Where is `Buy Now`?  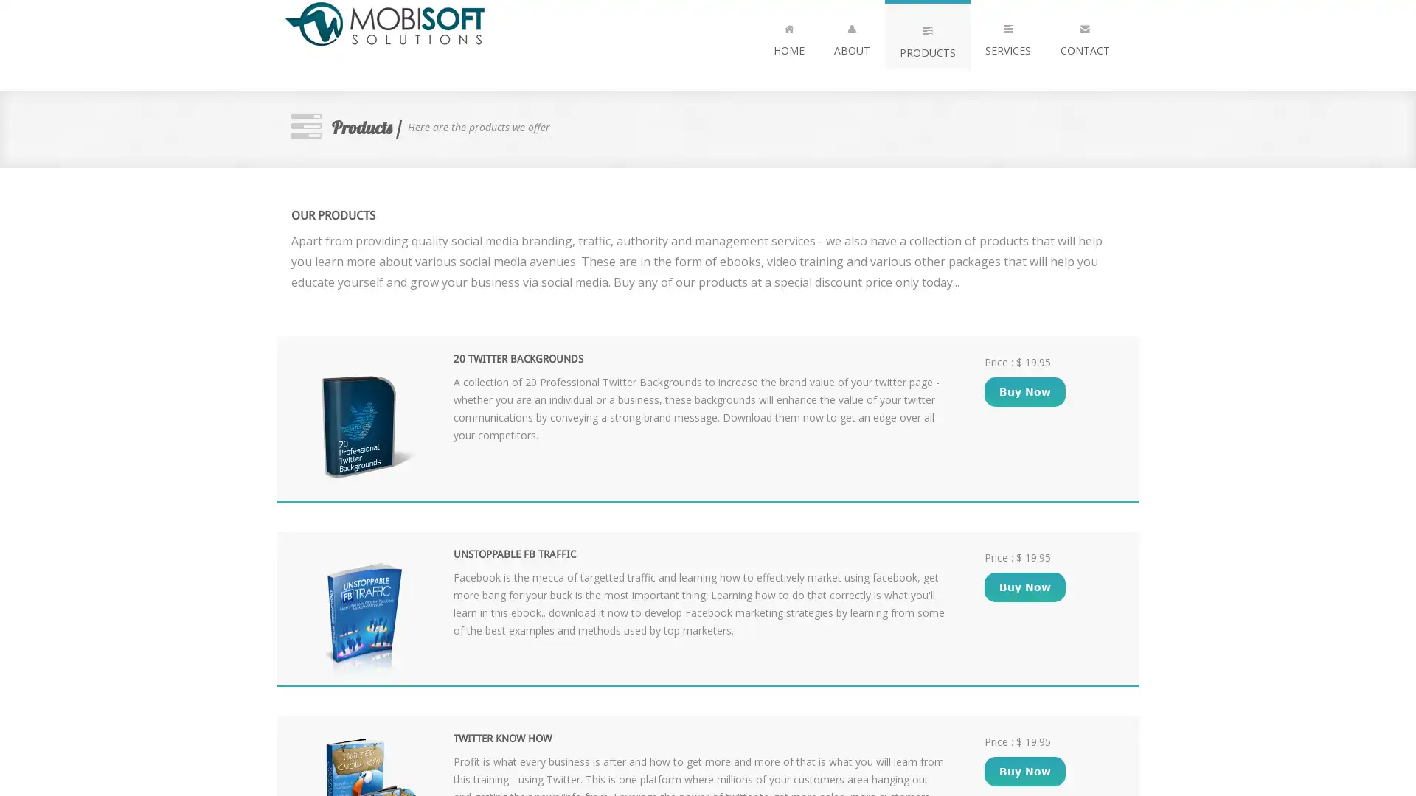
Buy Now is located at coordinates (1024, 770).